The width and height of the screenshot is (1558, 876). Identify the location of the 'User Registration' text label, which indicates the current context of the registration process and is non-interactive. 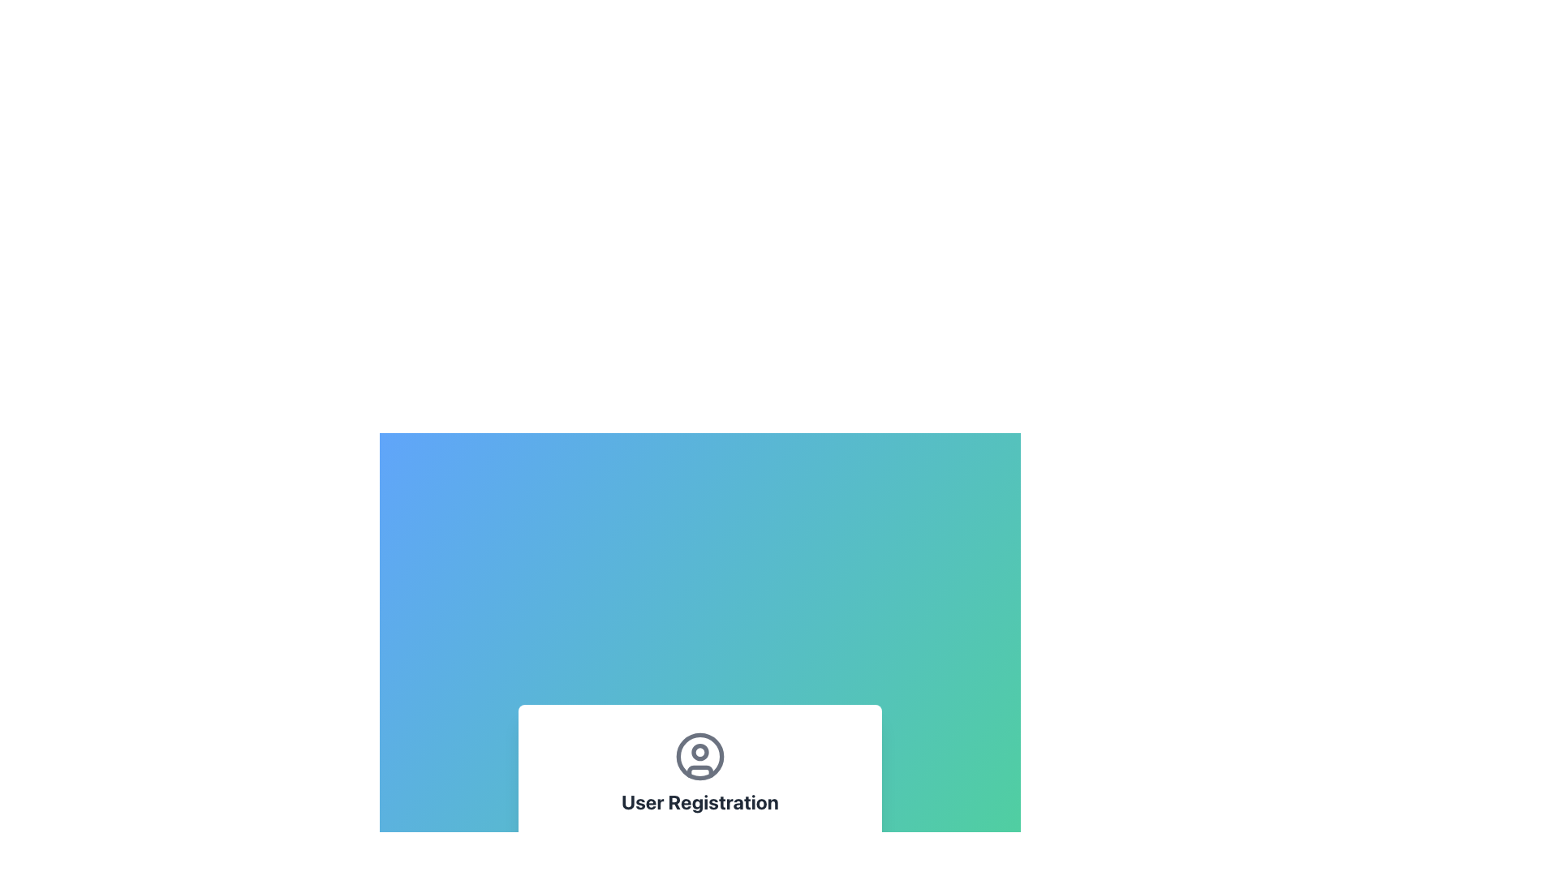
(700, 801).